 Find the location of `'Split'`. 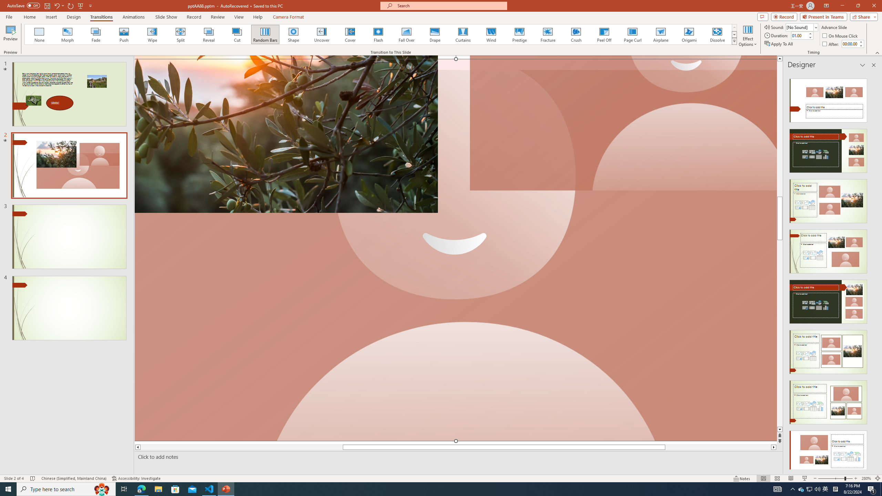

'Split' is located at coordinates (180, 34).